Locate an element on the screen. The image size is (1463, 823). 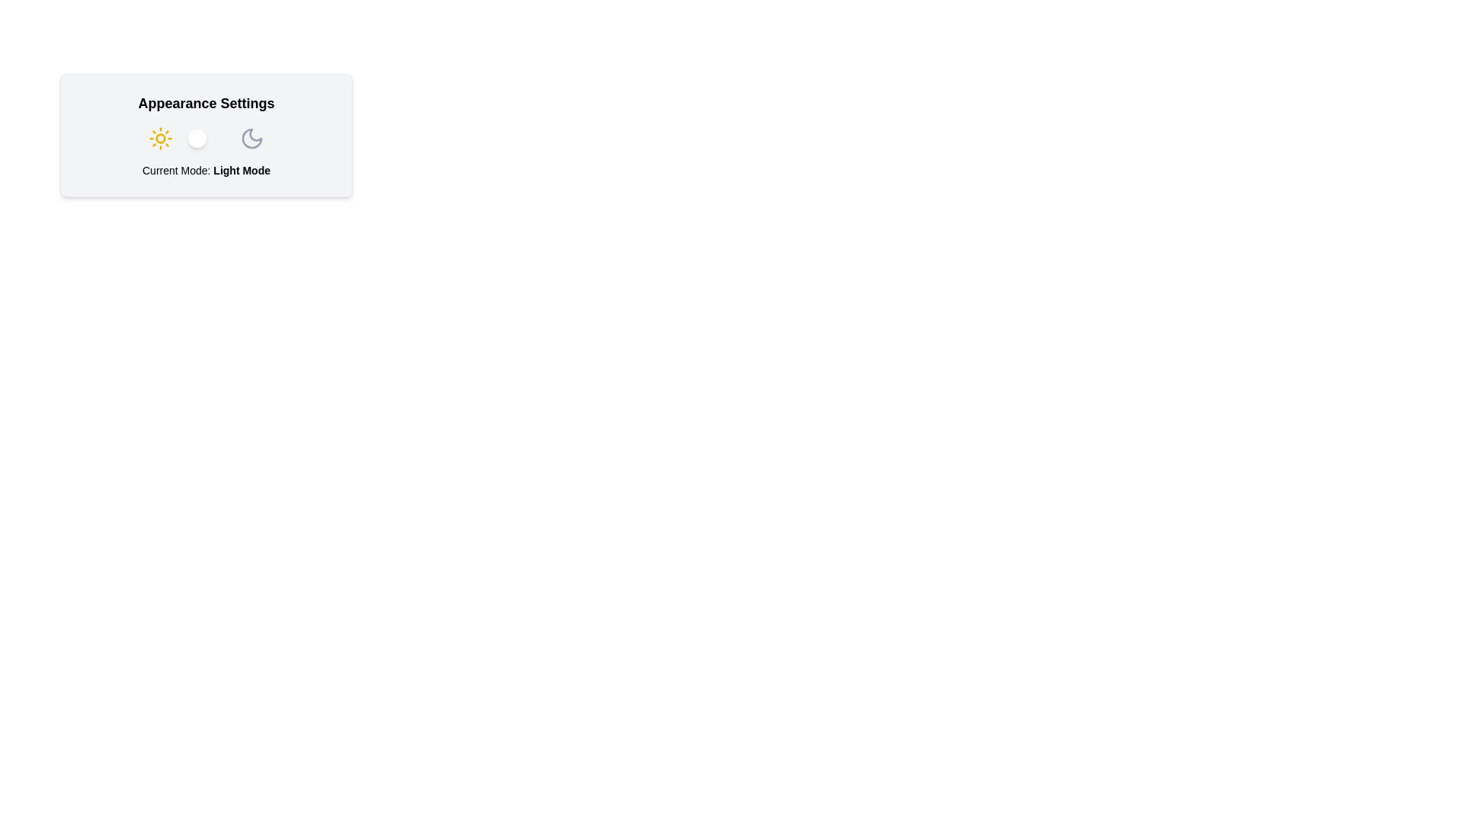
the bold-styled, large text element that reads 'Appearance Settings', located at the top of the light gray card interface is located at coordinates (205, 103).